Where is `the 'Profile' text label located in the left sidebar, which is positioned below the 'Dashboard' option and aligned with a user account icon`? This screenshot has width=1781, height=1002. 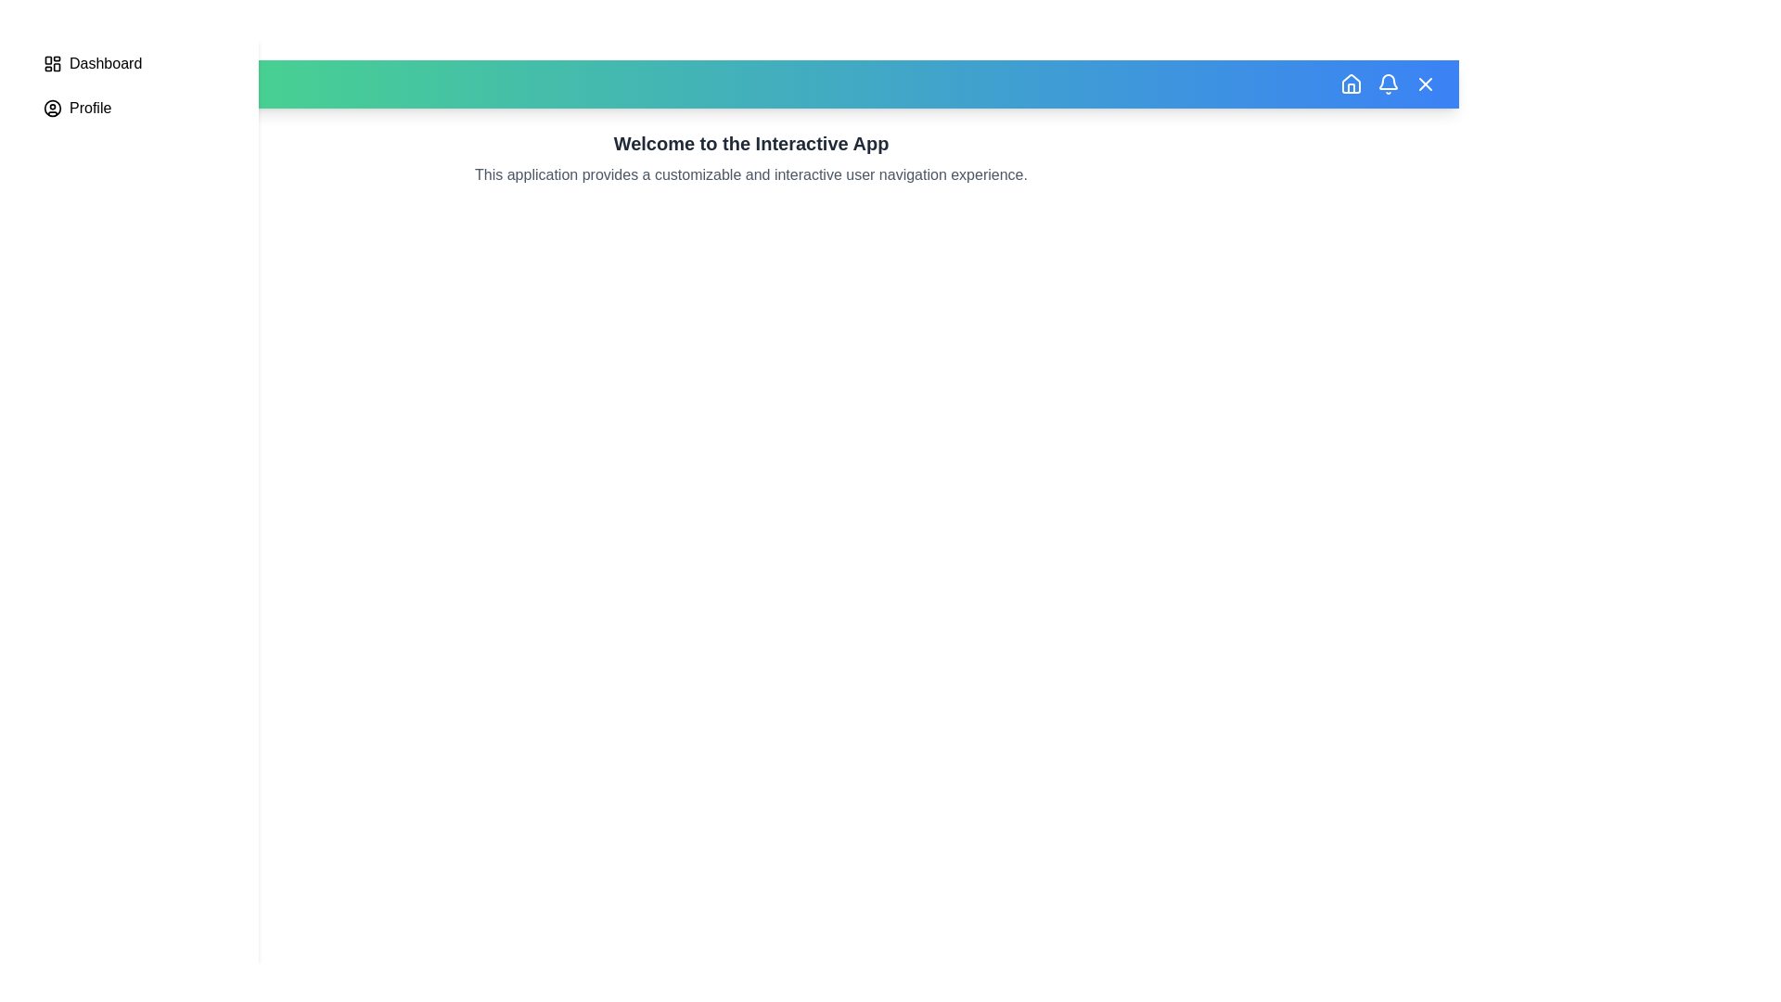
the 'Profile' text label located in the left sidebar, which is positioned below the 'Dashboard' option and aligned with a user account icon is located at coordinates (89, 108).